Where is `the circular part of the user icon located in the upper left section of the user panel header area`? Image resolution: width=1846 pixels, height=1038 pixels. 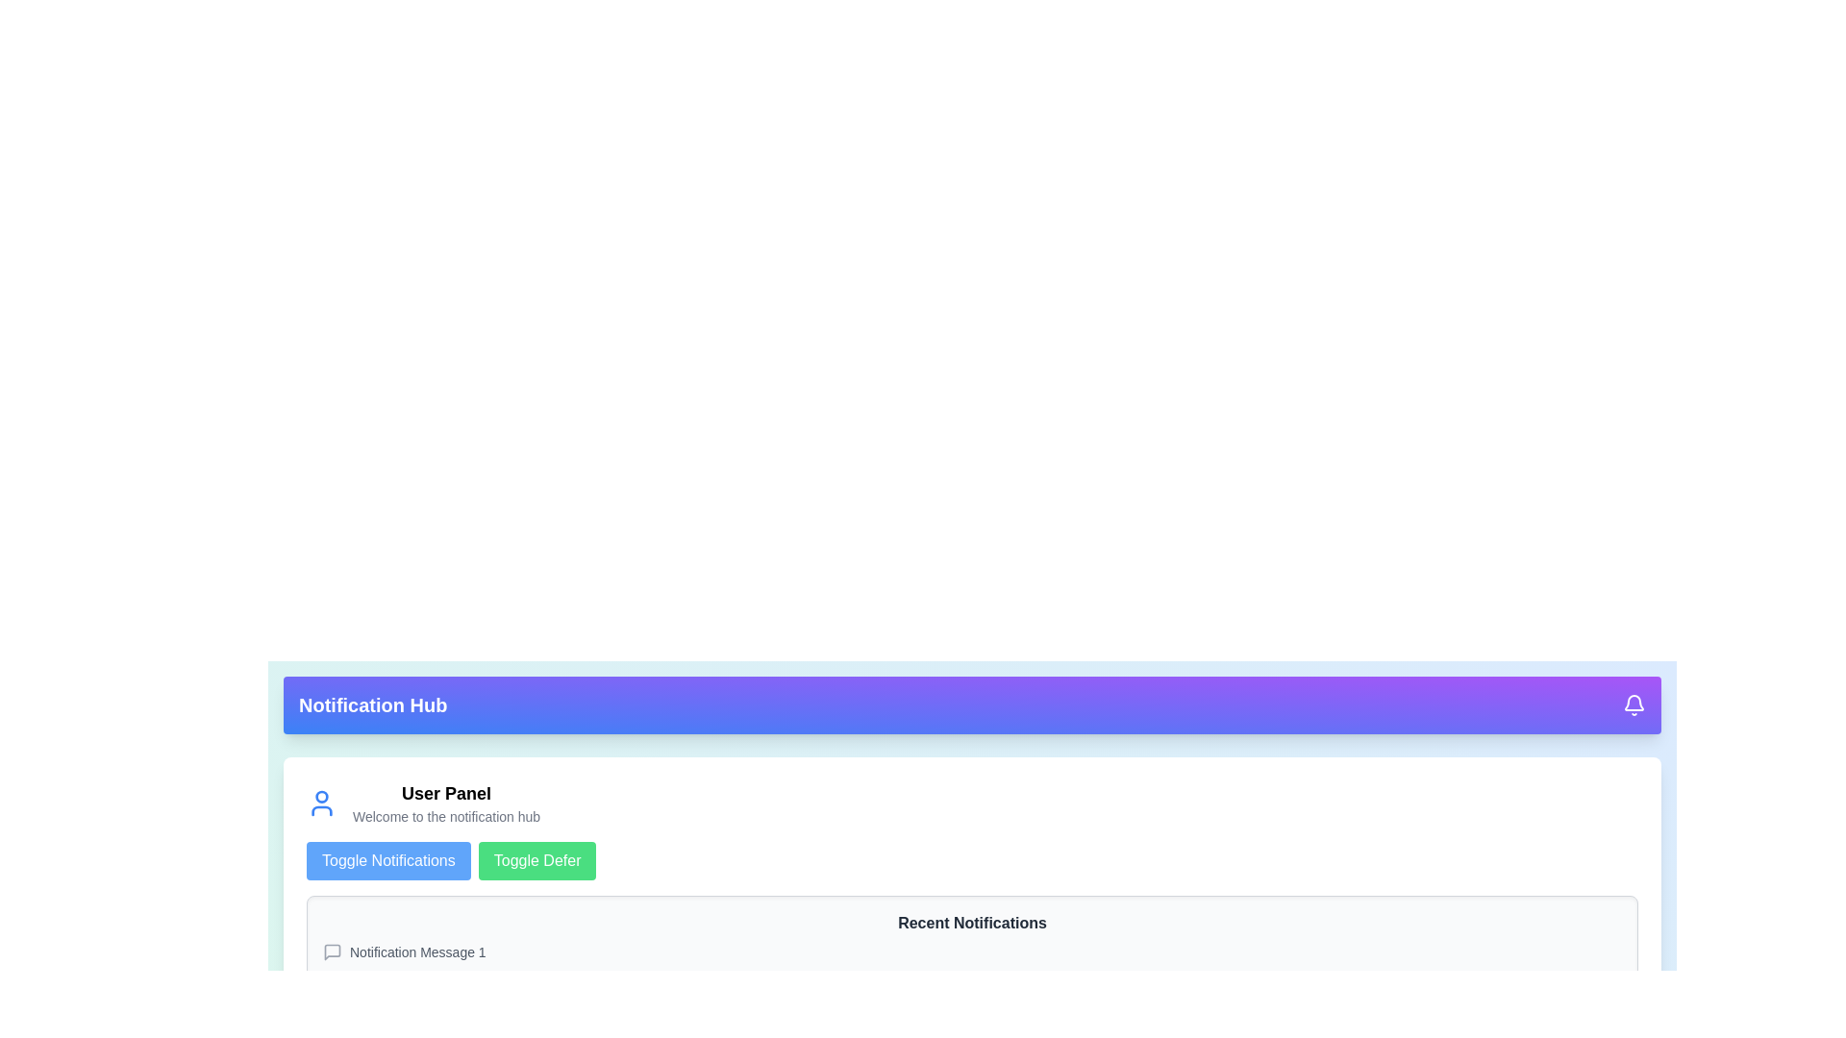 the circular part of the user icon located in the upper left section of the user panel header area is located at coordinates (322, 797).